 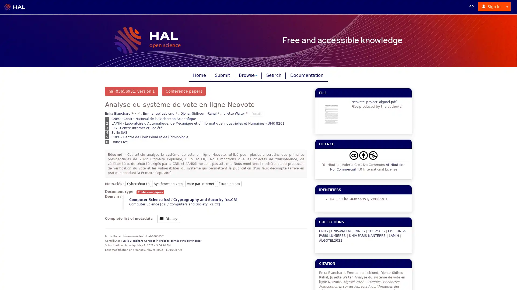 I want to click on Details, so click(x=257, y=113).